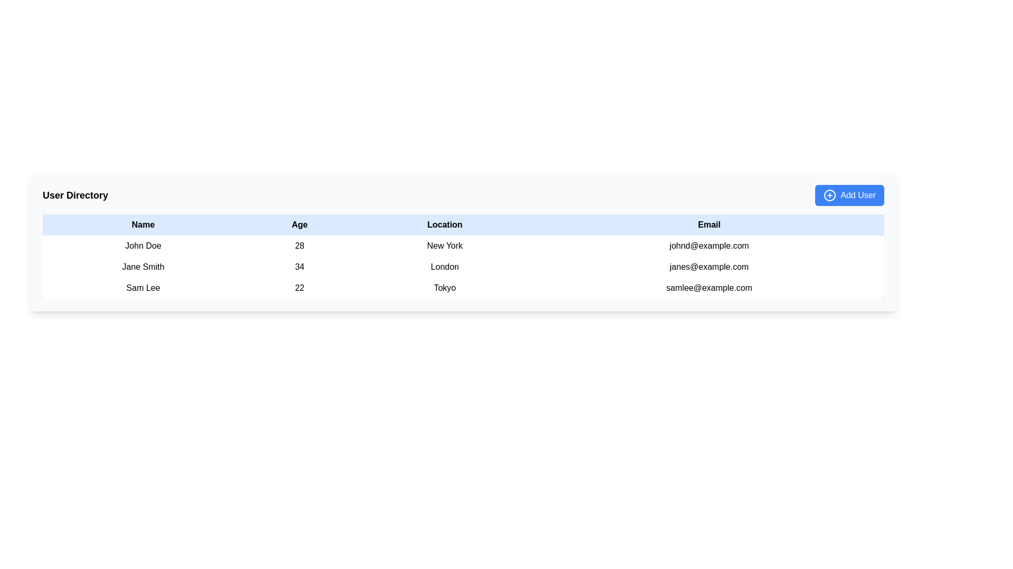  Describe the element at coordinates (142, 266) in the screenshot. I see `the text label displaying 'Jane Smith' located in the first column under the 'Name' header in the user directory table` at that location.